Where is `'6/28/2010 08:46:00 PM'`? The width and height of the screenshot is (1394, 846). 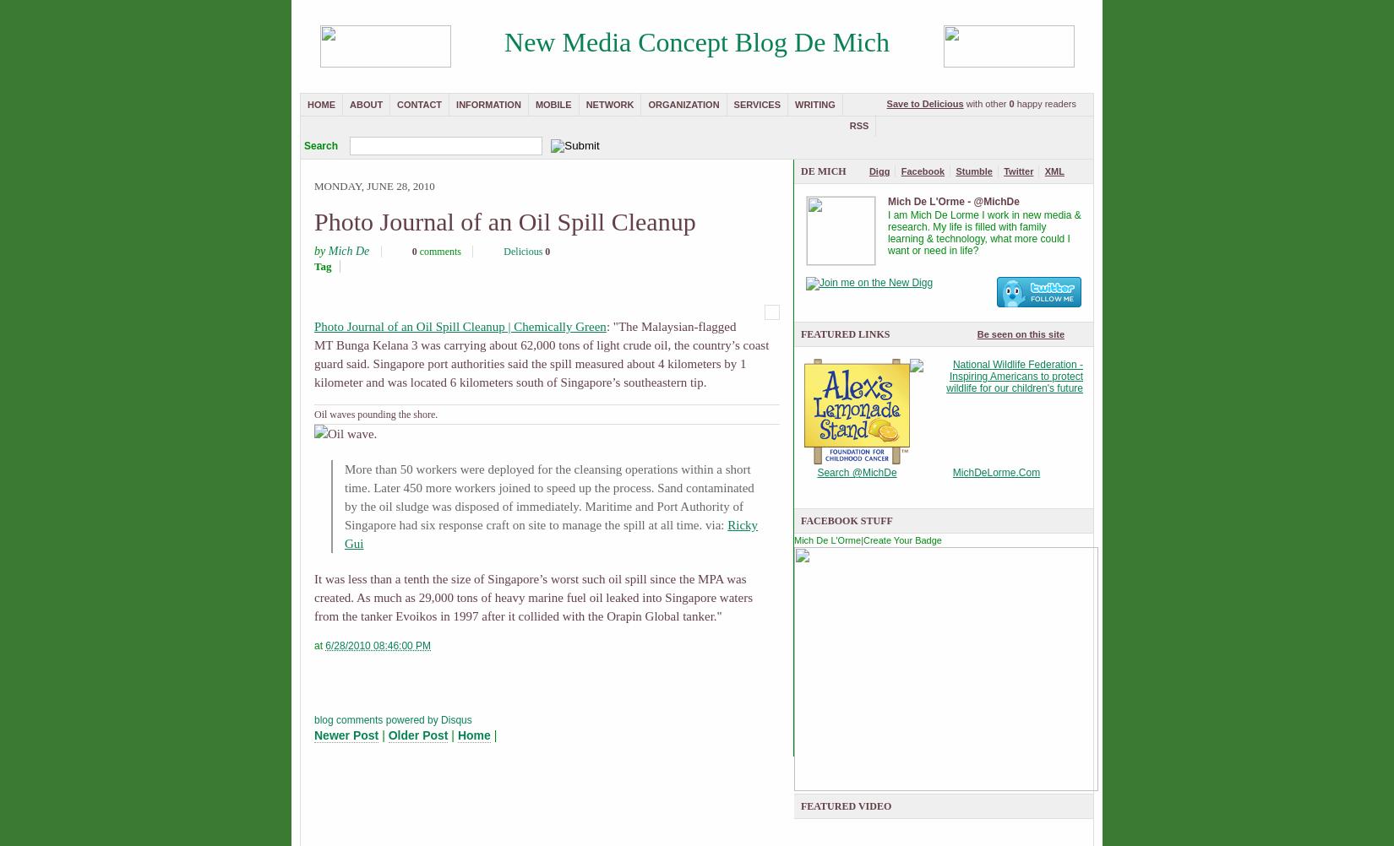 '6/28/2010 08:46:00 PM' is located at coordinates (324, 645).